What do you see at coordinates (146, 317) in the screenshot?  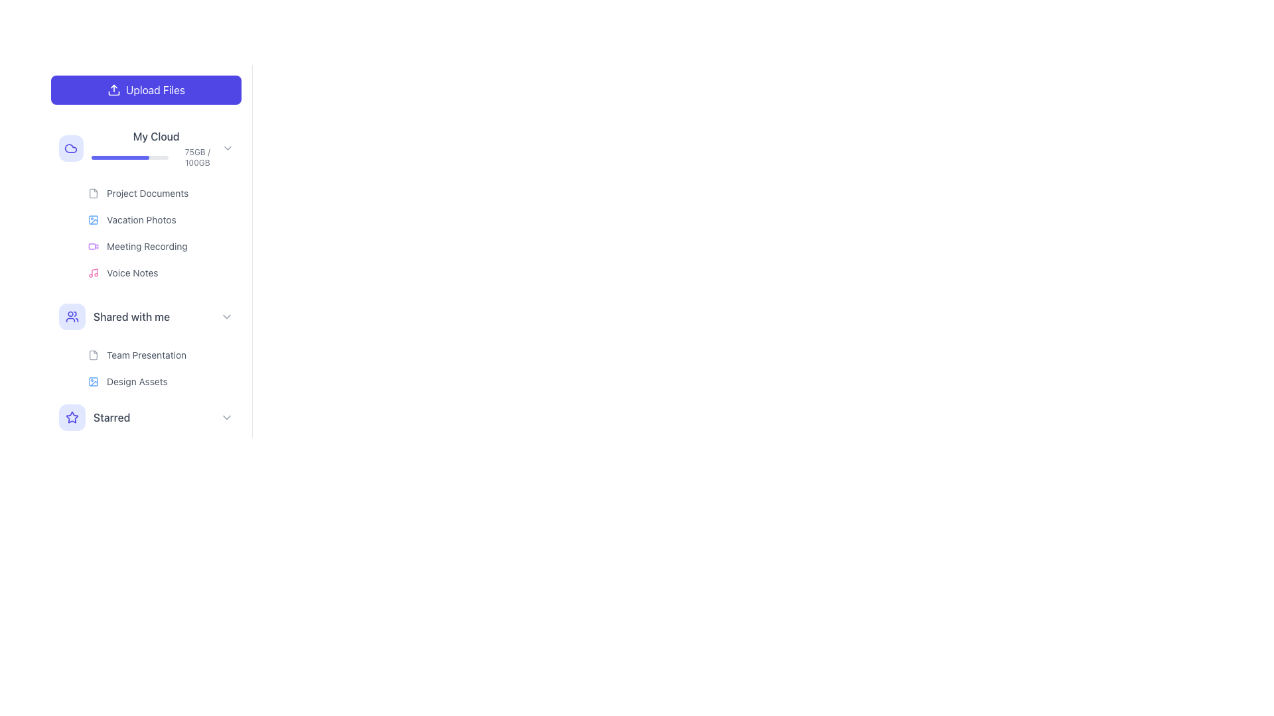 I see `the 'Shared with me' button in the vertical navigation menu on the left side of the interface` at bounding box center [146, 317].